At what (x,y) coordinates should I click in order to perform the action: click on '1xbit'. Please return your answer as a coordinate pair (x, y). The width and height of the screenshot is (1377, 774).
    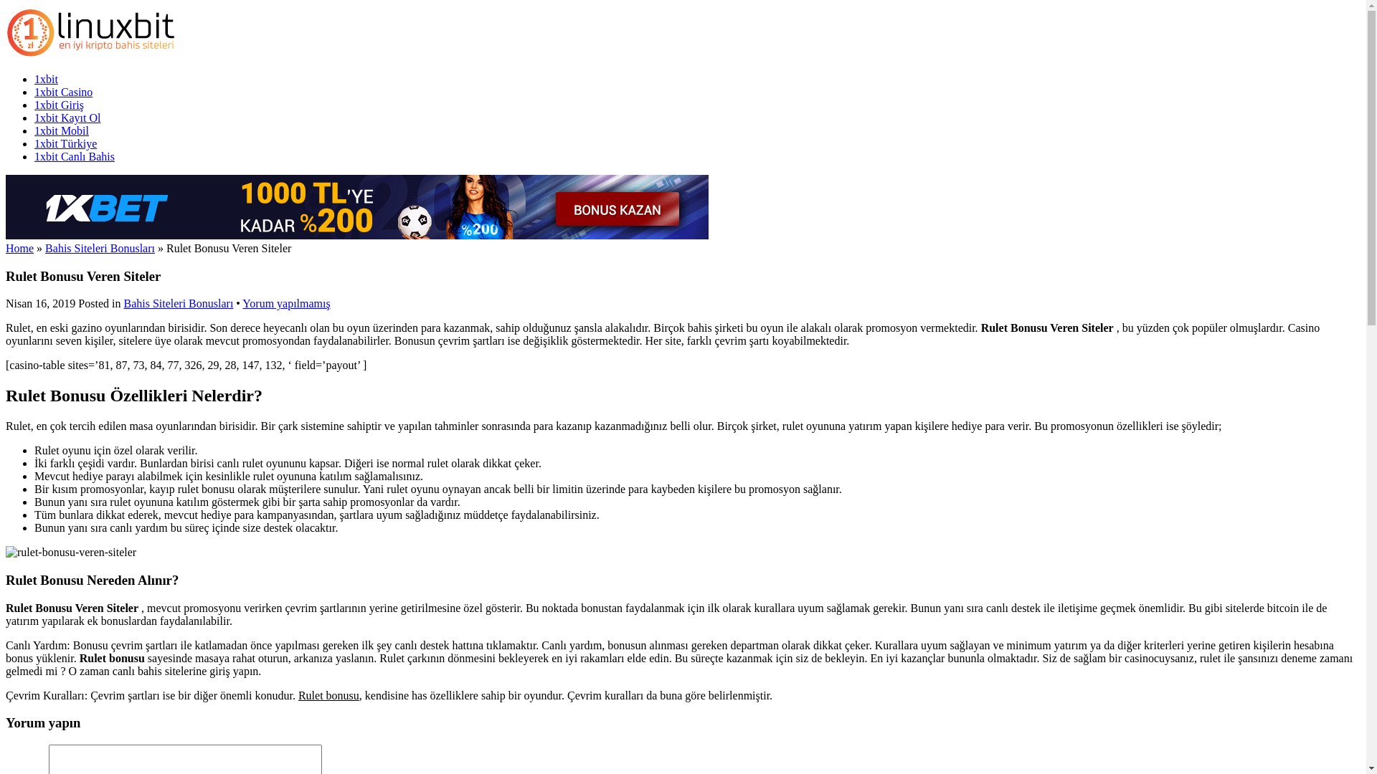
    Looking at the image, I should click on (46, 79).